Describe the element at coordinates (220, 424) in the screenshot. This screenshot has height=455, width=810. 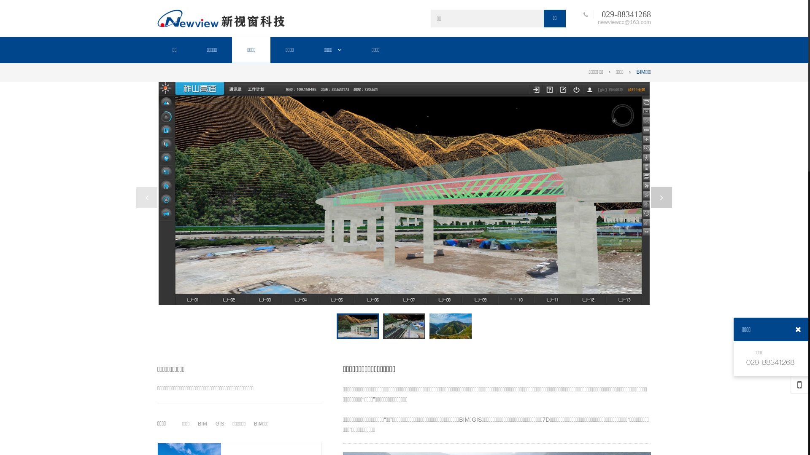
I see `'GIS'` at that location.